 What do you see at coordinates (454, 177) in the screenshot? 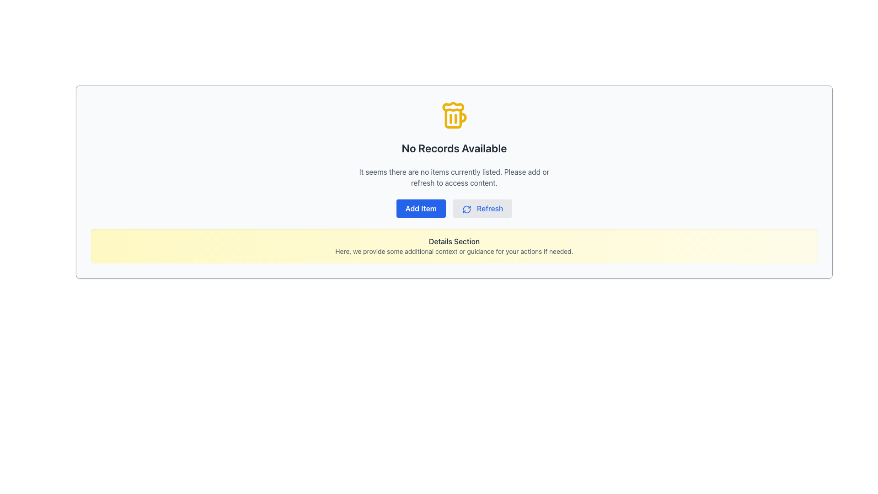
I see `the centered text element displaying the message: 'It seems there are no items currently listed. Please add or refresh to access content.'` at bounding box center [454, 177].